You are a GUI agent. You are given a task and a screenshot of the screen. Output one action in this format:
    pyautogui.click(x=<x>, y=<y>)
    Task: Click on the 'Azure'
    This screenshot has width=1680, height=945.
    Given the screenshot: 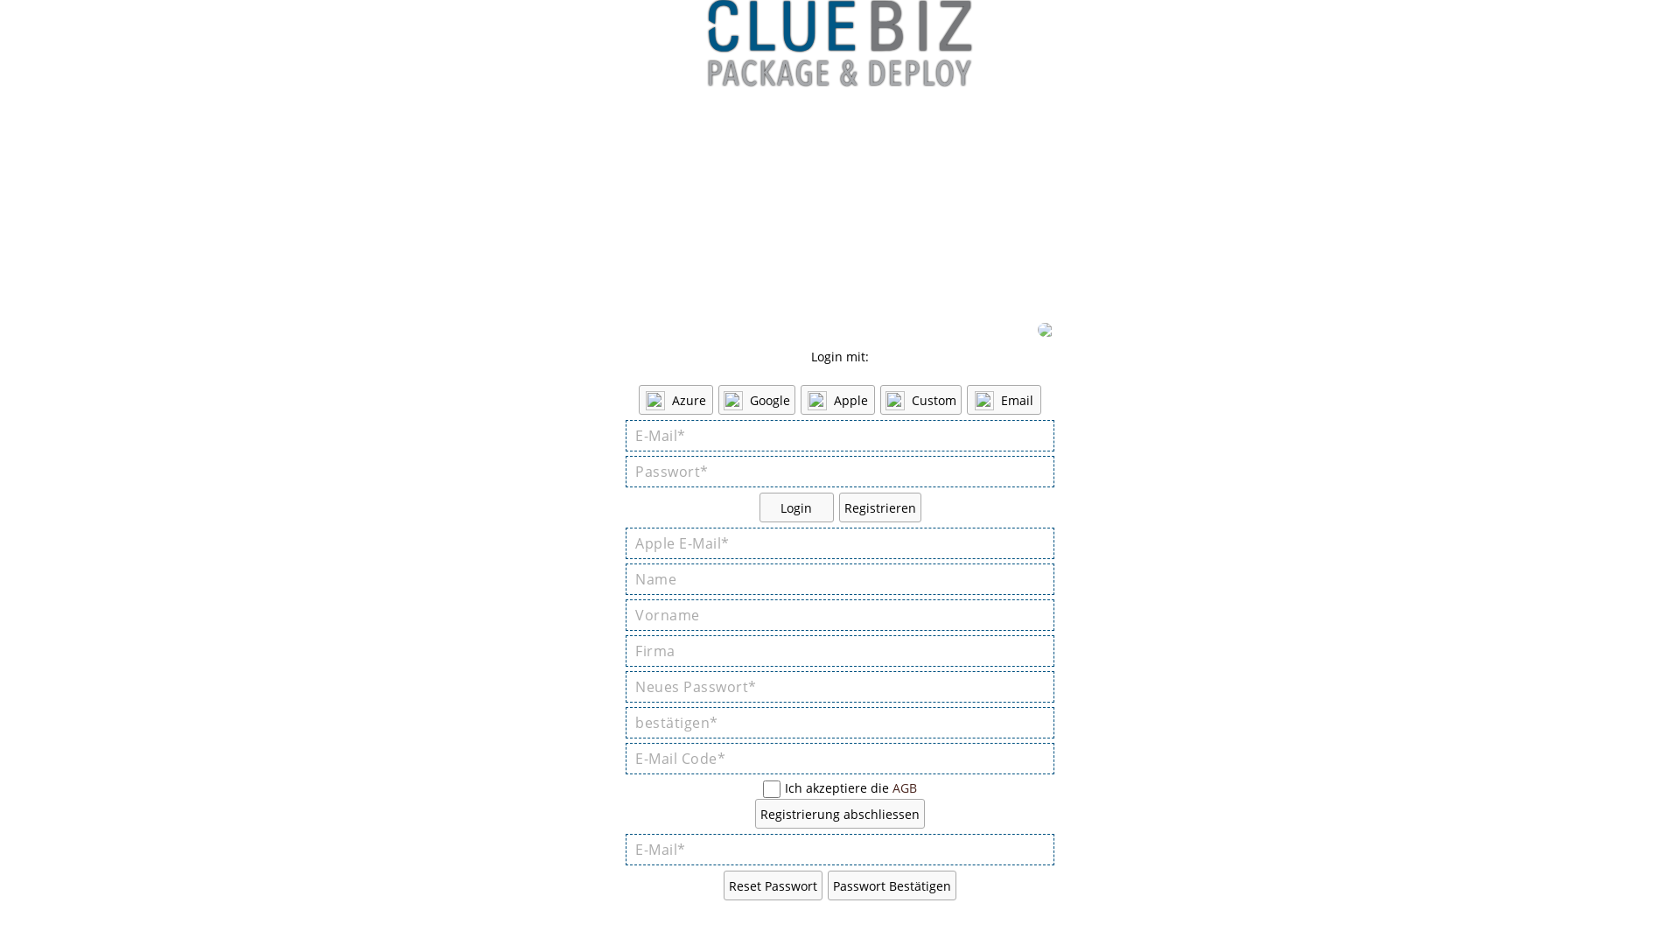 What is the action you would take?
    pyautogui.click(x=675, y=399)
    